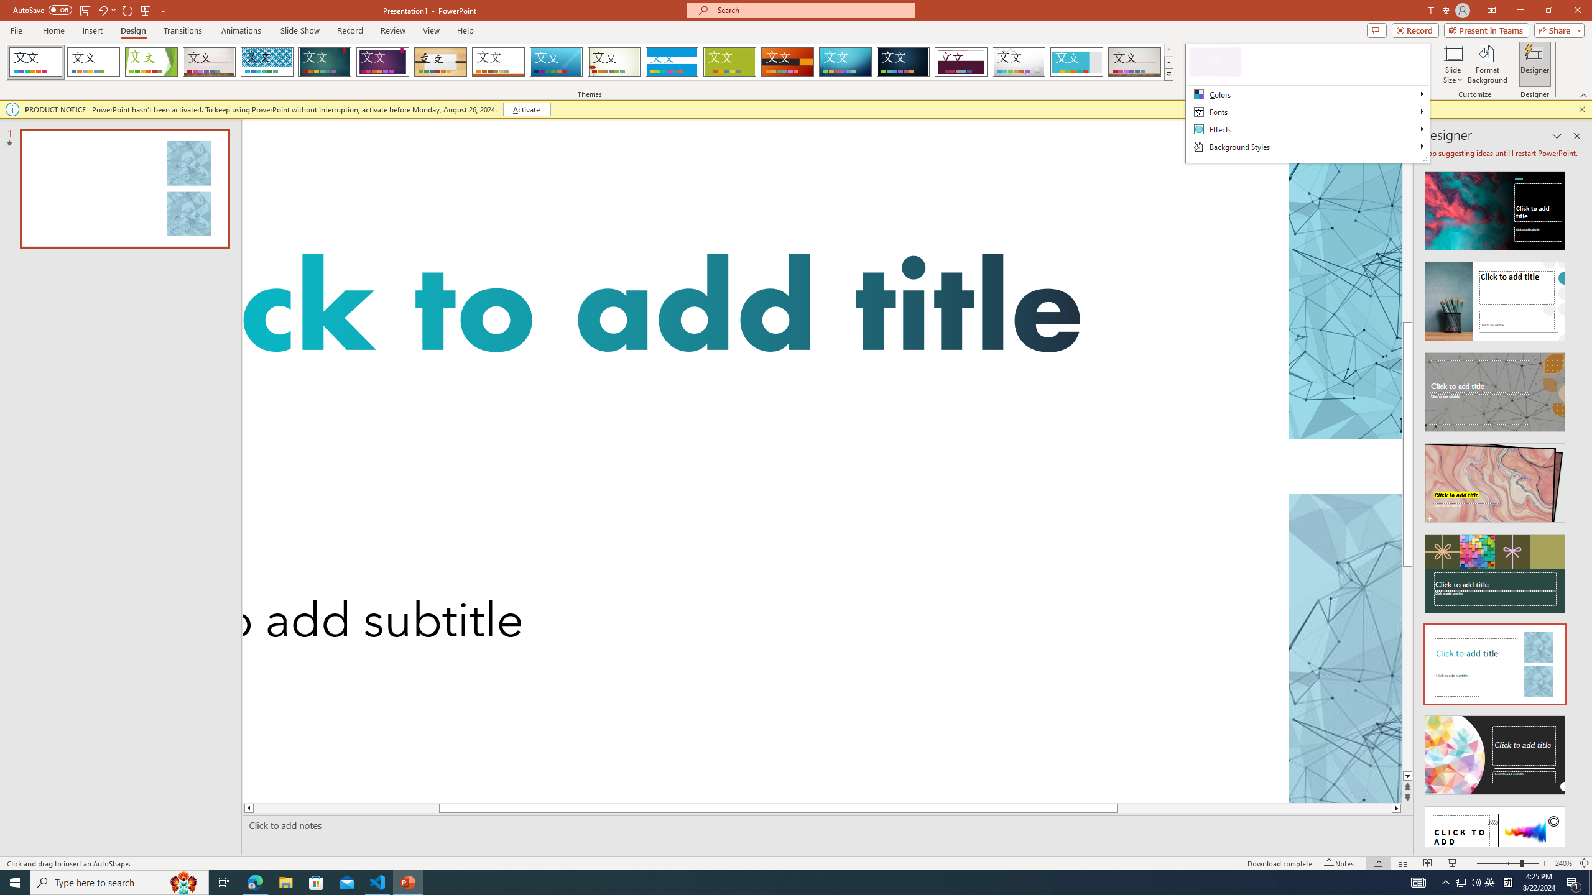 This screenshot has width=1592, height=895. I want to click on 'FadeVTI', so click(35, 62).